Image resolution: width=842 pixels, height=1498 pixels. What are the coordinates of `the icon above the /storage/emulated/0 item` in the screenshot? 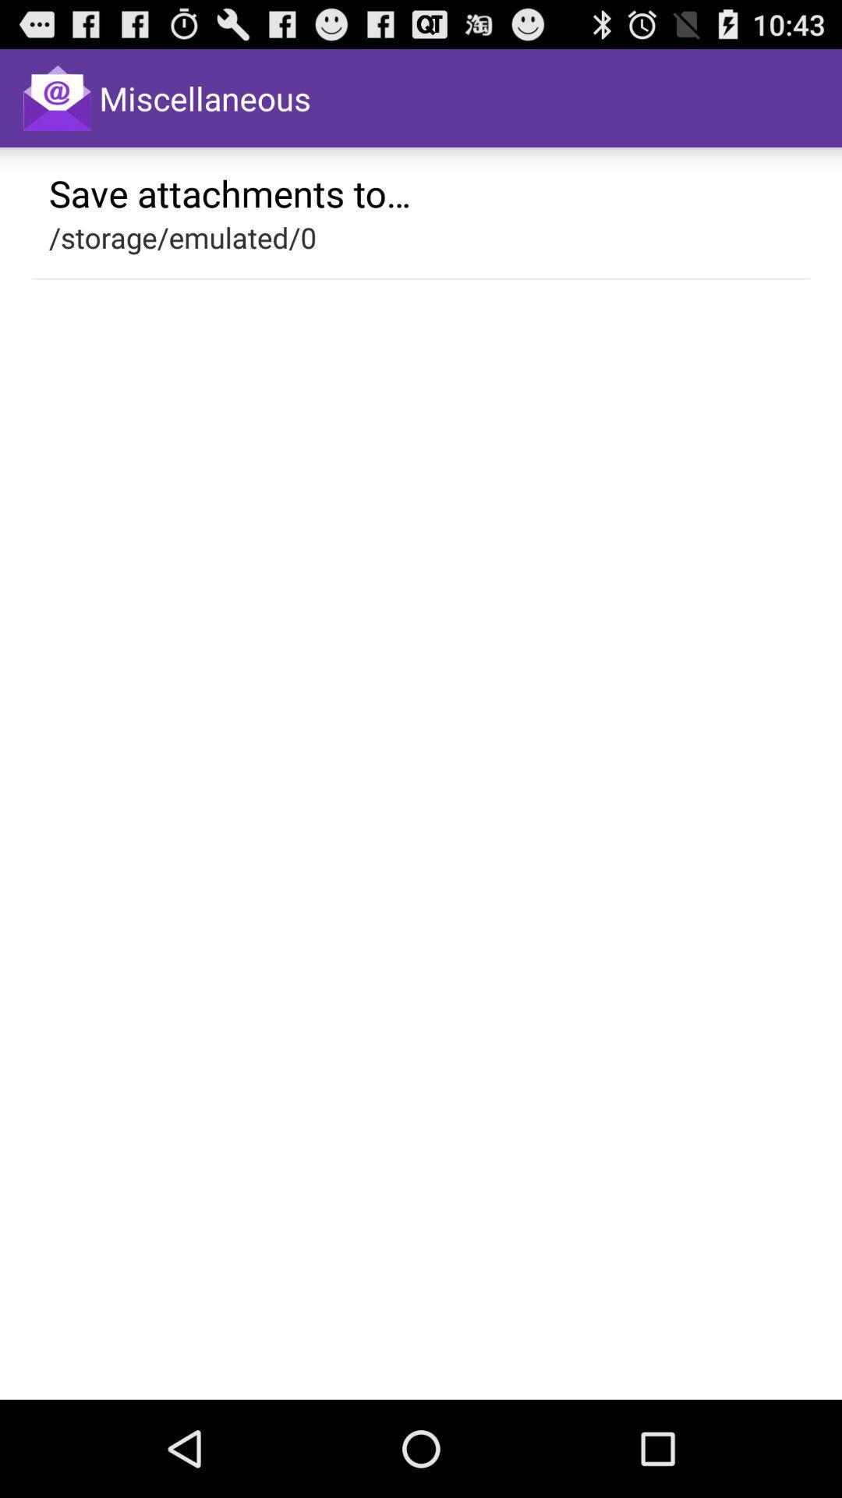 It's located at (230, 192).